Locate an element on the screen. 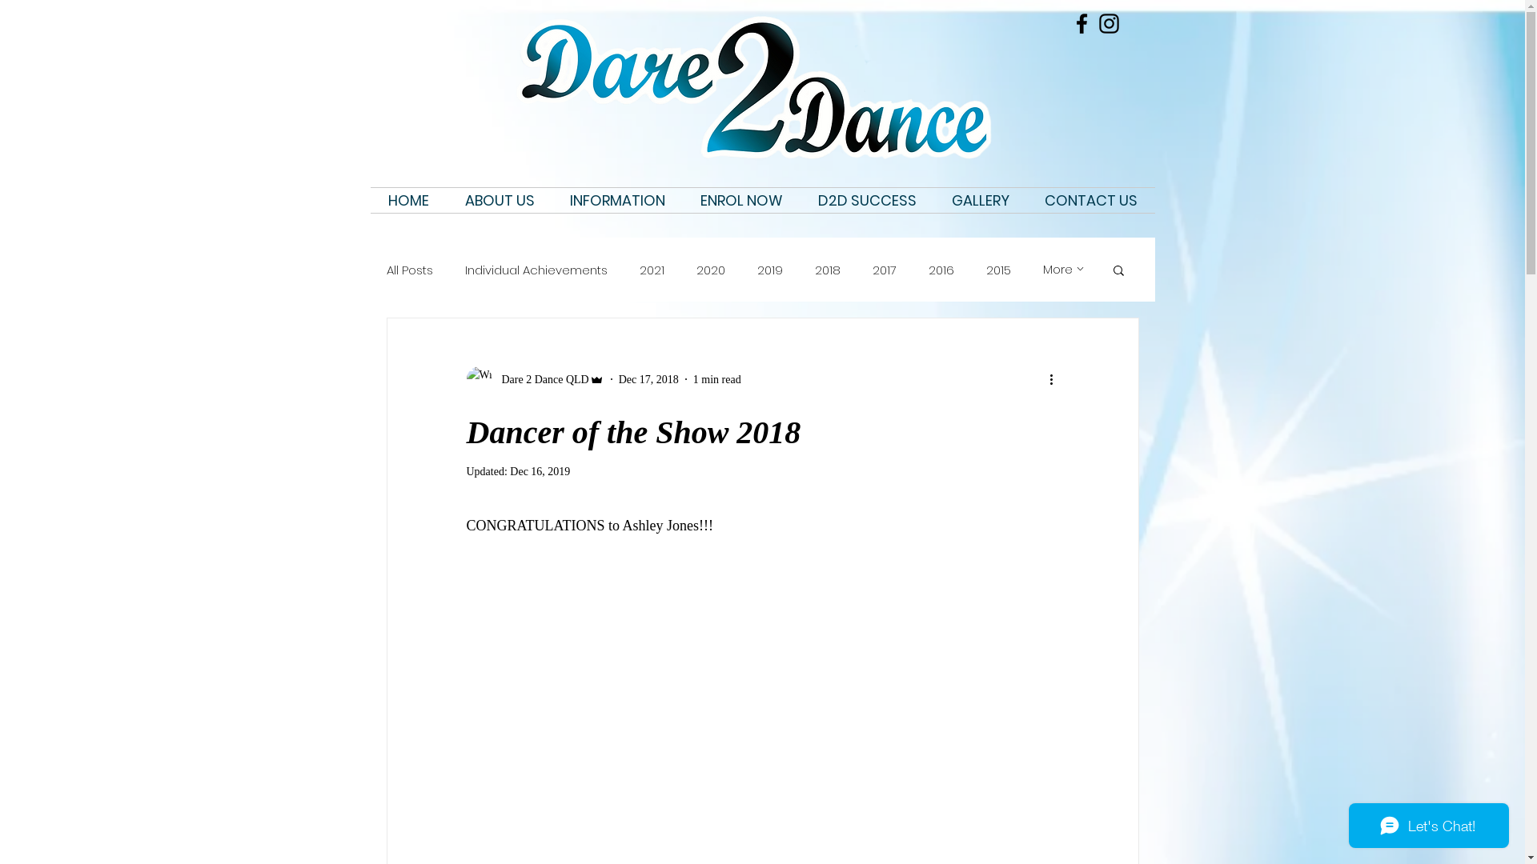 The image size is (1537, 864). 'CONTACT US' is located at coordinates (1090, 199).